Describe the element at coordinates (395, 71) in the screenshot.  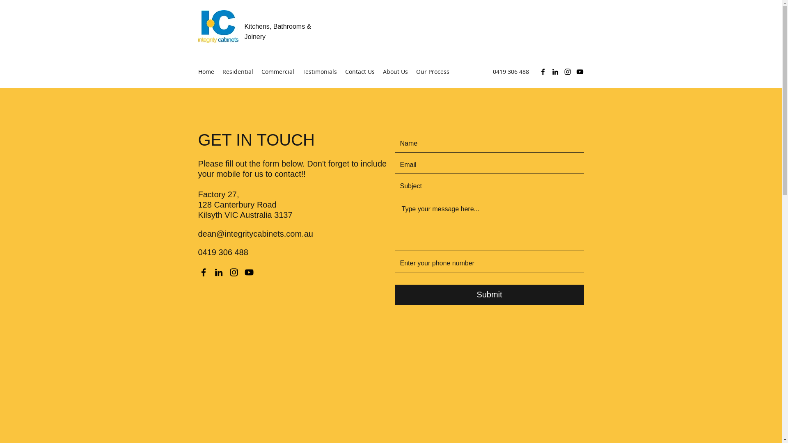
I see `'About Us'` at that location.